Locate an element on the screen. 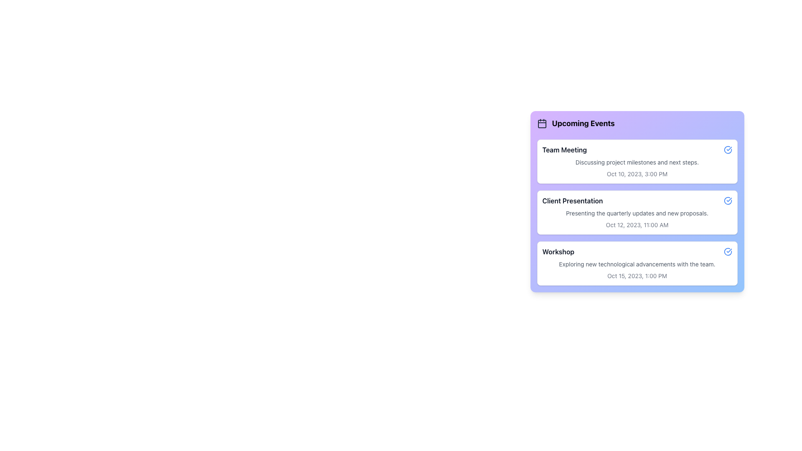 This screenshot has width=802, height=451. the circular blue icon with an outlined checkmark located on the right side of the 'Client Presentation' section in the 'Upcoming Events' list is located at coordinates (727, 201).